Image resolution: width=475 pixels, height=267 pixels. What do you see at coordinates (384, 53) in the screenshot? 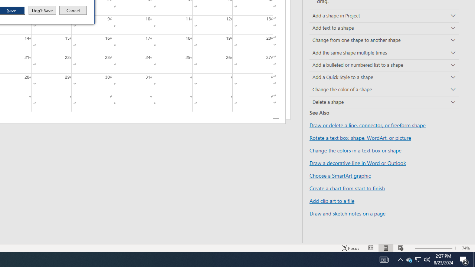
I see `'Add the same shape multiple times'` at bounding box center [384, 53].